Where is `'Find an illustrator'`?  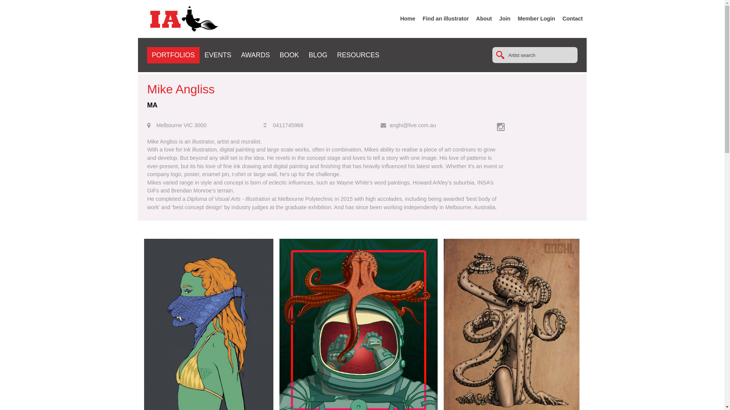 'Find an illustrator' is located at coordinates (446, 18).